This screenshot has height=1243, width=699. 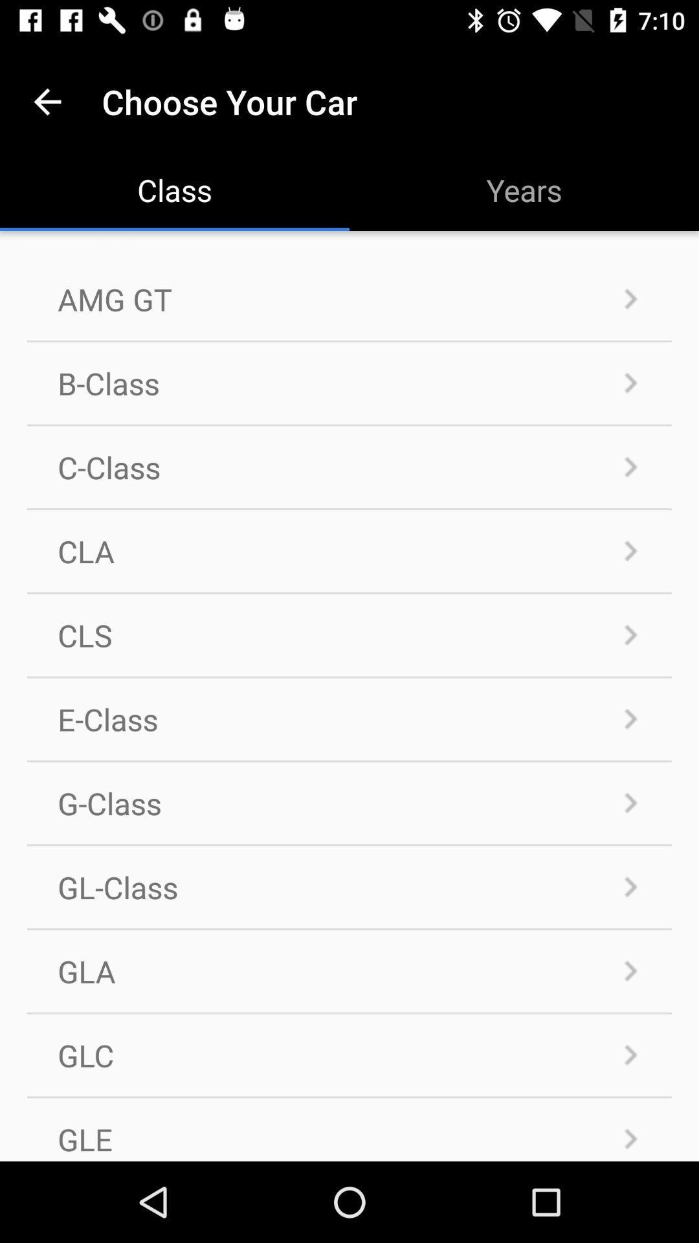 What do you see at coordinates (47, 101) in the screenshot?
I see `item to the left of choose your car app` at bounding box center [47, 101].